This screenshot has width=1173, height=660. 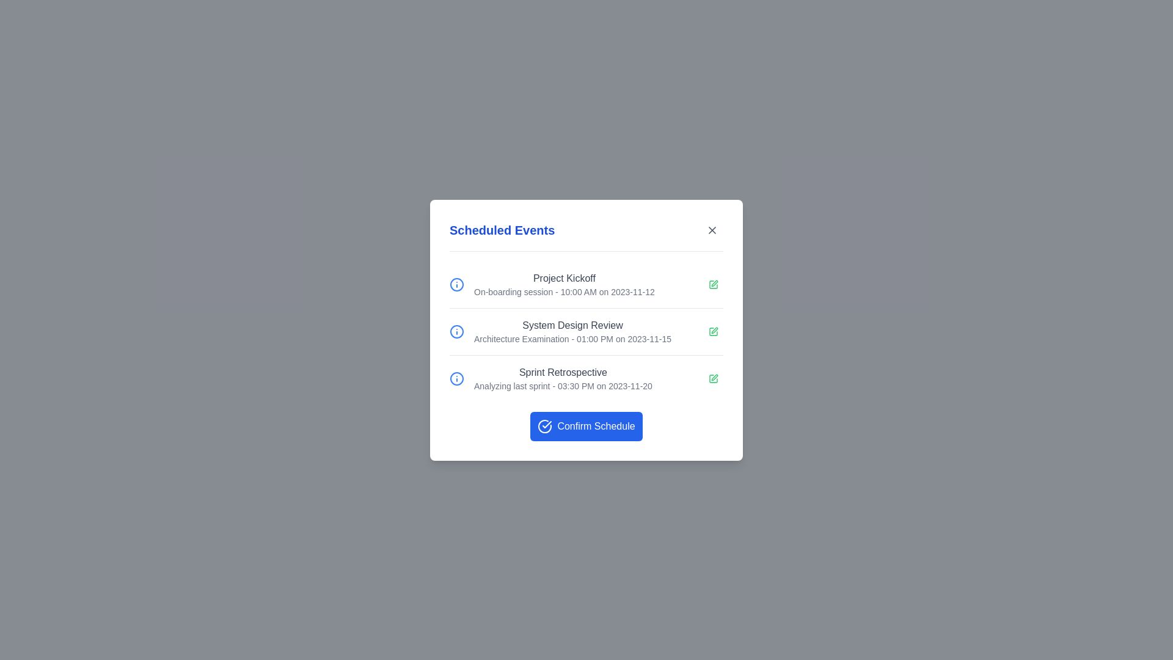 What do you see at coordinates (713, 378) in the screenshot?
I see `edit button for the event titled 'Sprint Retrospective'` at bounding box center [713, 378].